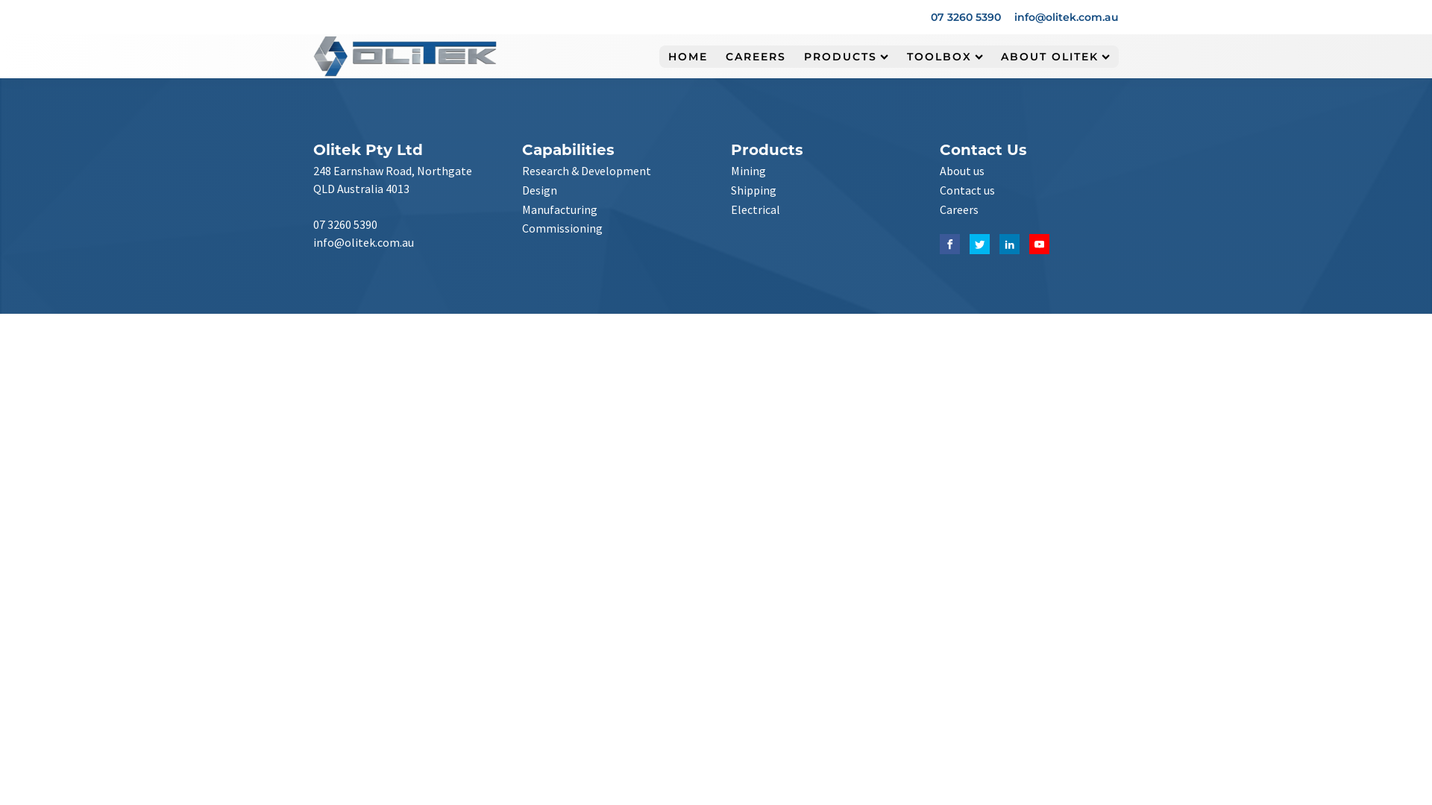  What do you see at coordinates (748, 171) in the screenshot?
I see `'Mining'` at bounding box center [748, 171].